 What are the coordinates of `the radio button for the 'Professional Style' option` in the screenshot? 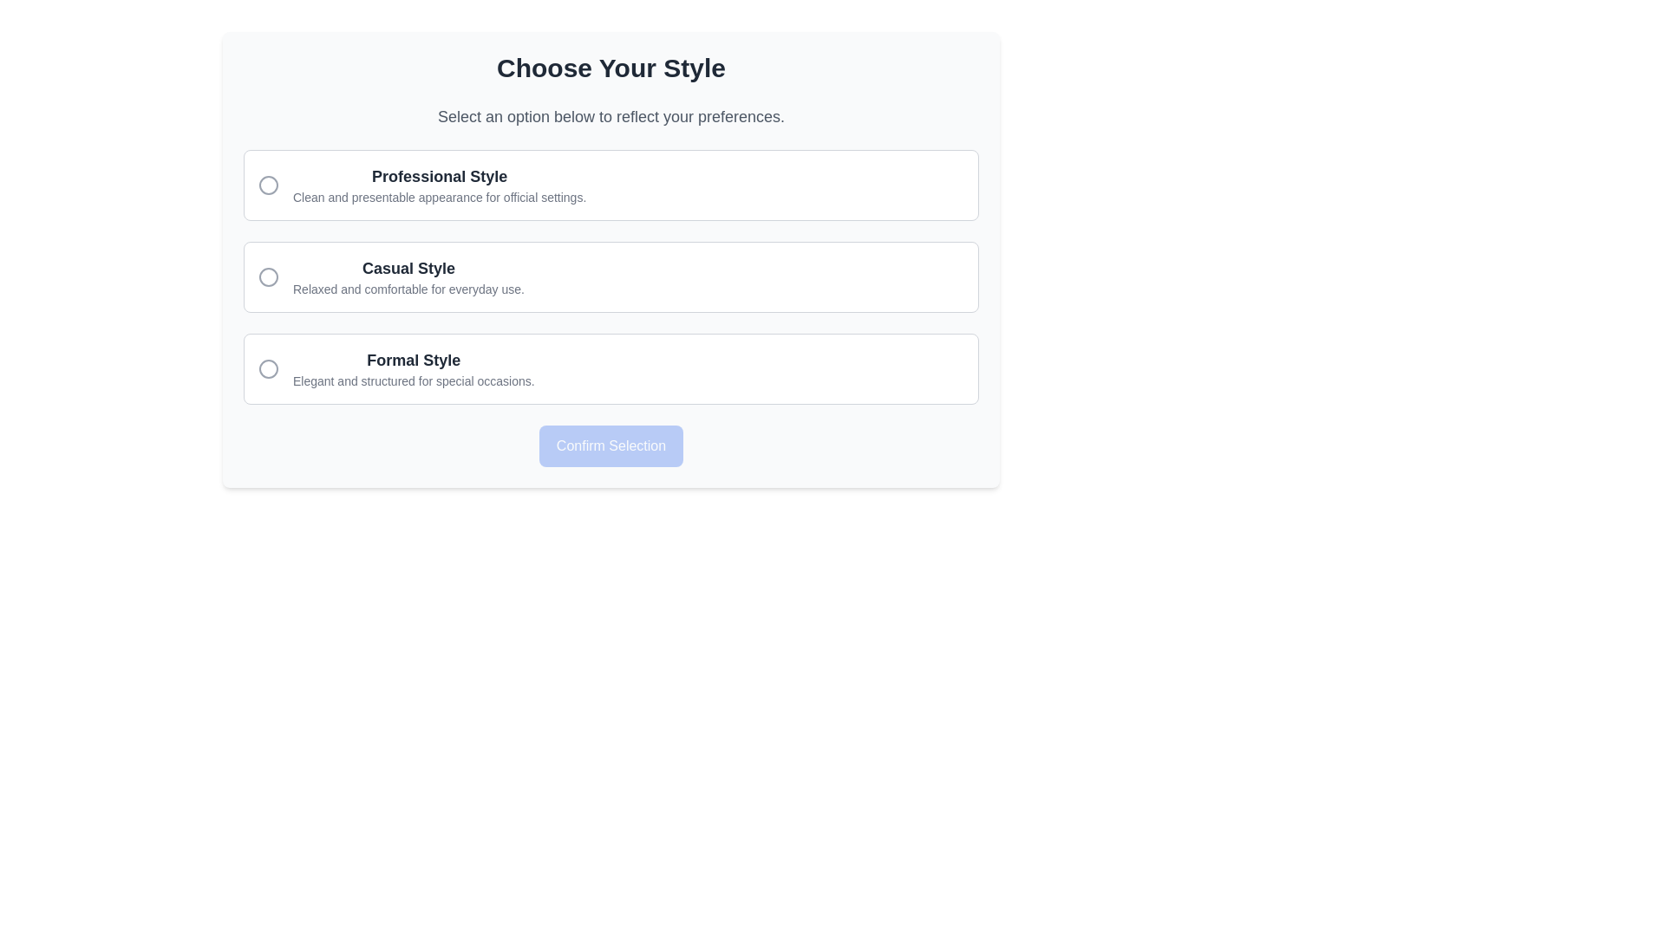 It's located at (268, 185).